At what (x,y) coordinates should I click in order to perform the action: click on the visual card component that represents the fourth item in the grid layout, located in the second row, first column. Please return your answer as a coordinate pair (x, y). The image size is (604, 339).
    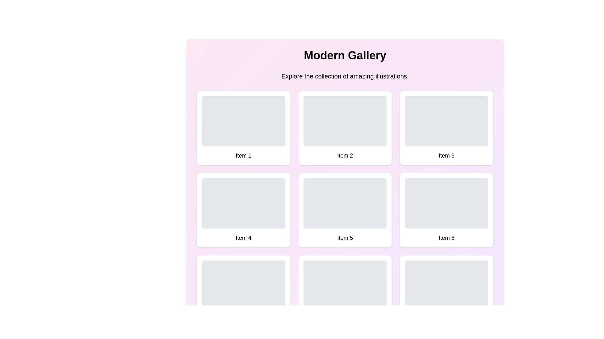
    Looking at the image, I should click on (243, 210).